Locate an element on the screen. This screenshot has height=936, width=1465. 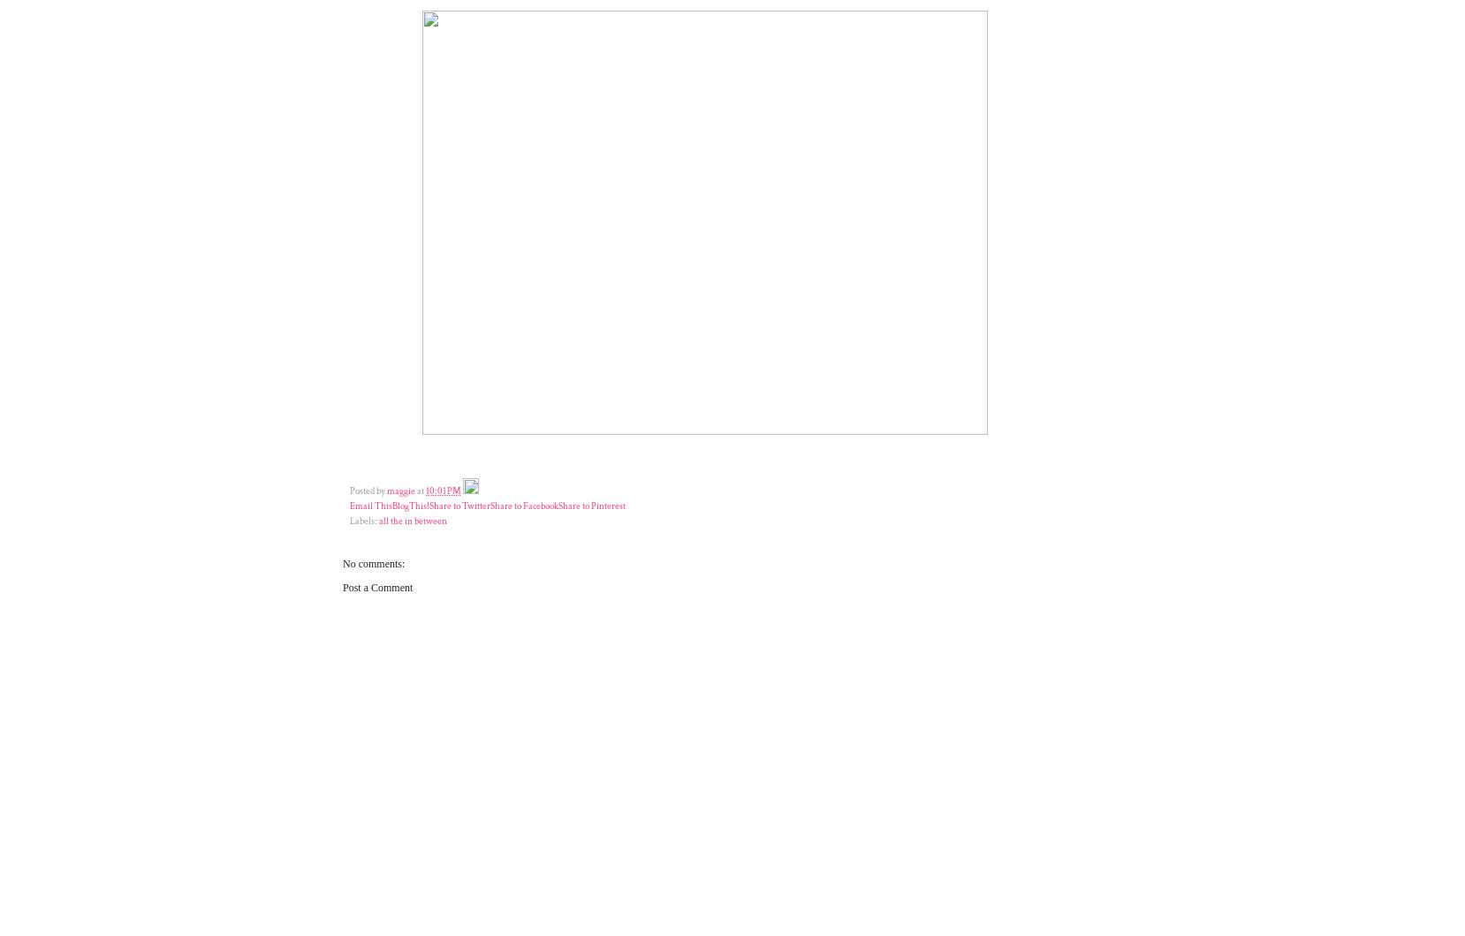
'at' is located at coordinates (421, 490).